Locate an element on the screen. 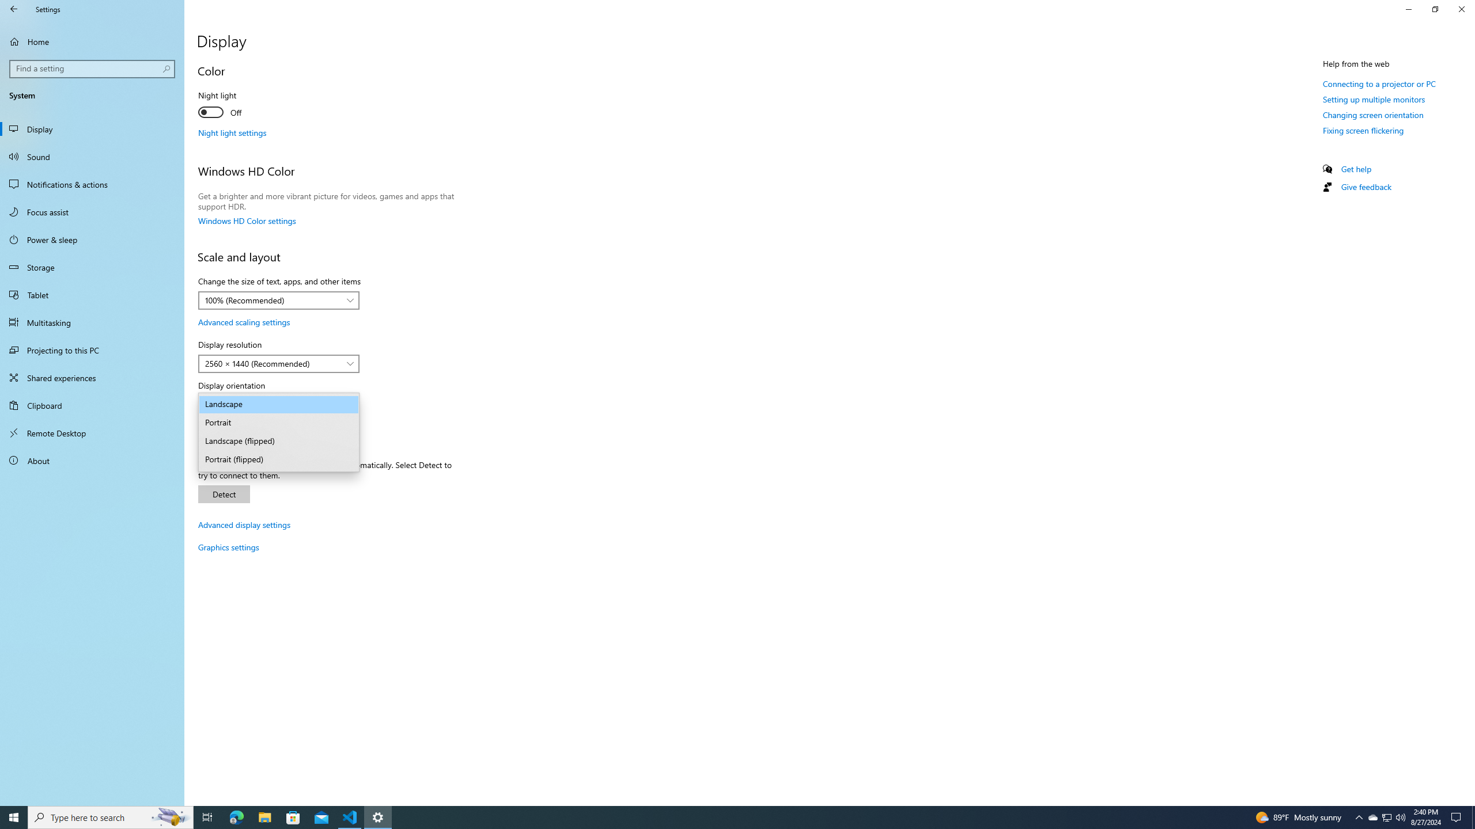 The width and height of the screenshot is (1475, 829). 'Projecting to this PC' is located at coordinates (92, 350).